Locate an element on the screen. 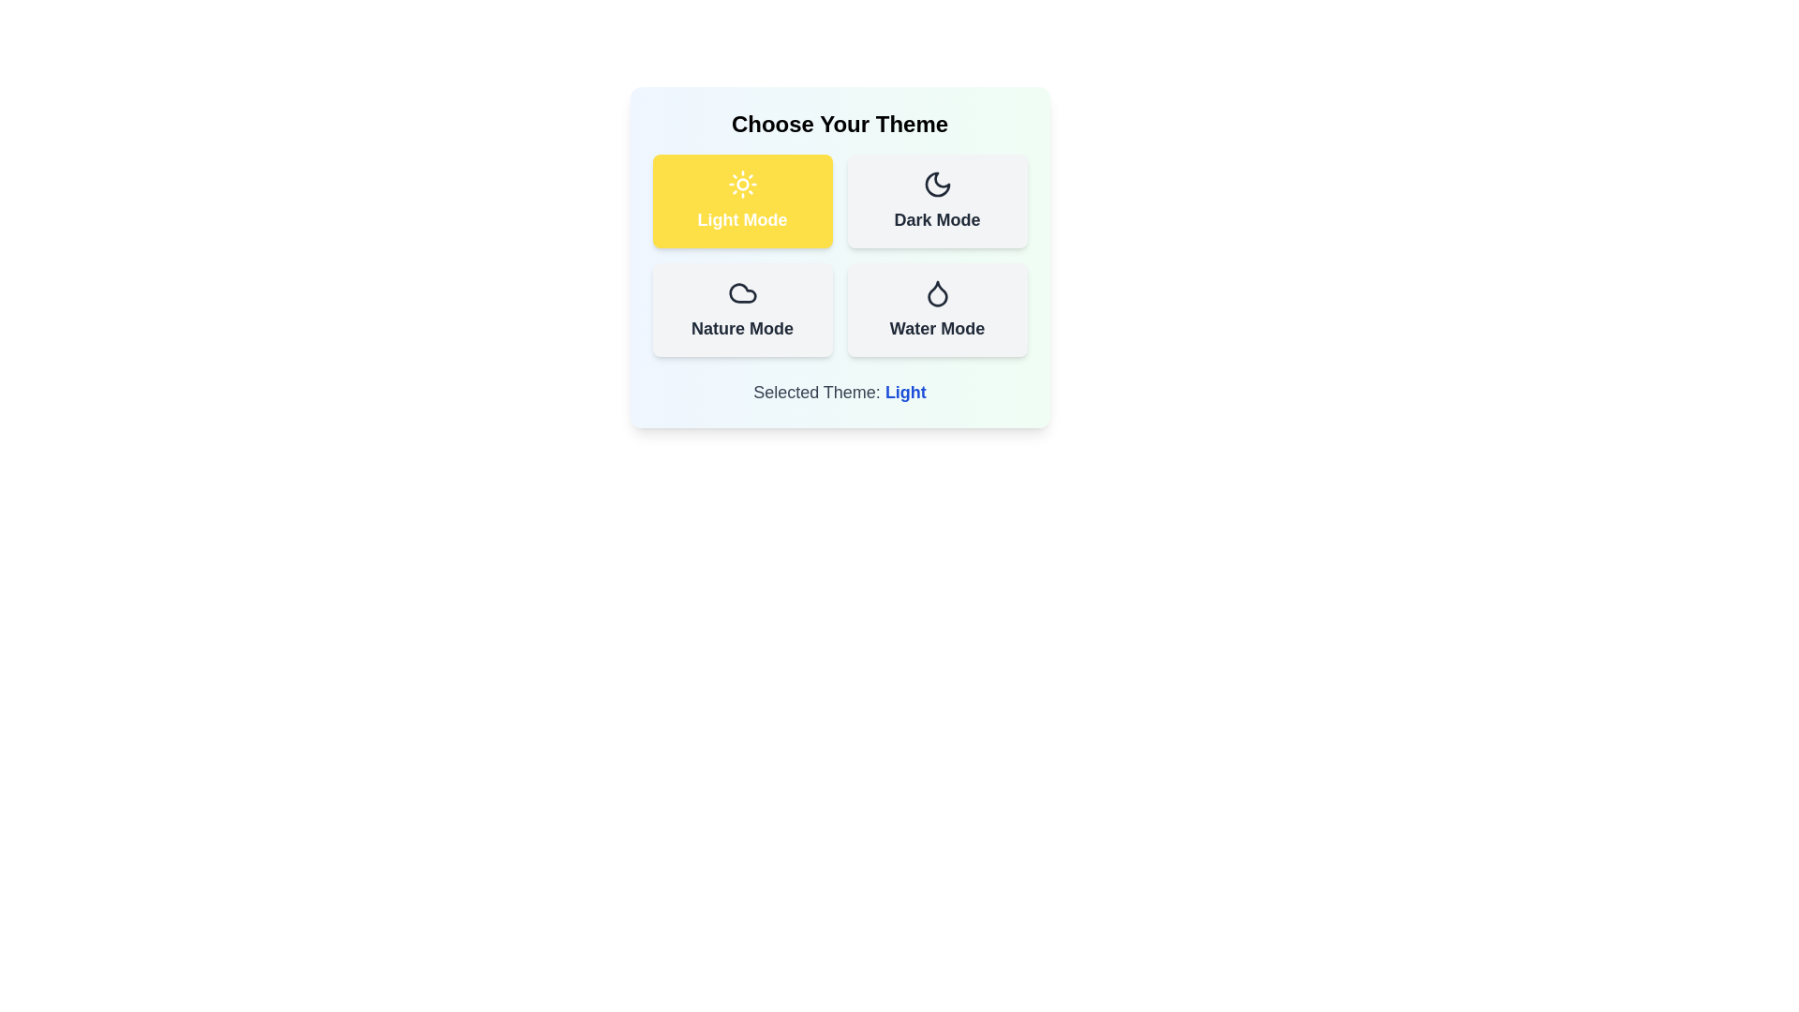 Image resolution: width=1799 pixels, height=1012 pixels. the theme by clicking on the corresponding button. The parameter Water Mode specifies the theme to select is located at coordinates (937, 309).